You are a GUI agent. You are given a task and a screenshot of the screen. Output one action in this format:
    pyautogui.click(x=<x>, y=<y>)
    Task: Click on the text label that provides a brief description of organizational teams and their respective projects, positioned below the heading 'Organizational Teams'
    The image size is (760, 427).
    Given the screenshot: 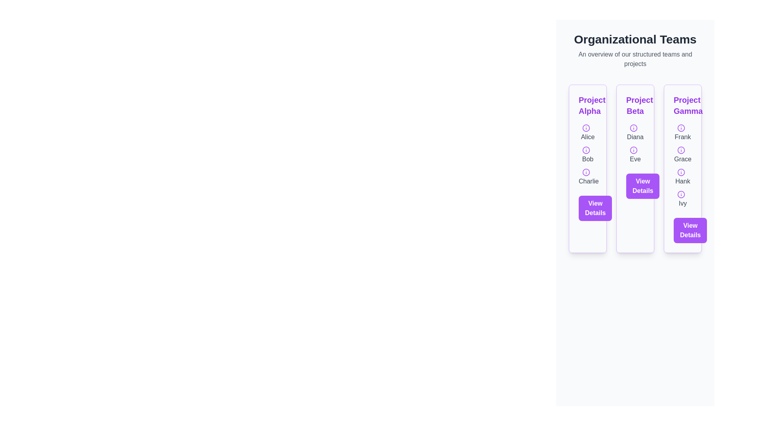 What is the action you would take?
    pyautogui.click(x=635, y=59)
    